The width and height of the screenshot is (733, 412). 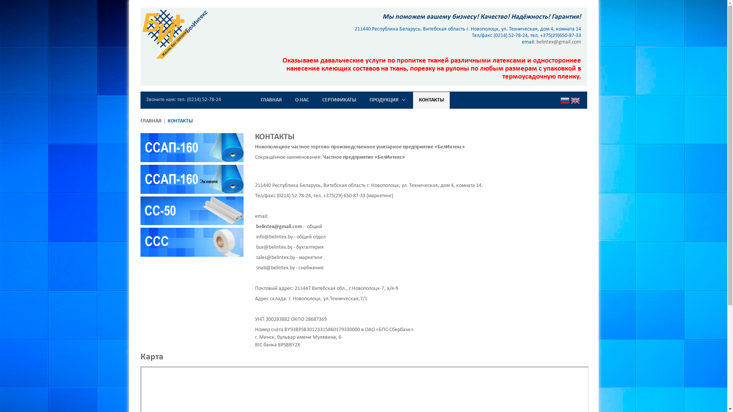 What do you see at coordinates (559, 42) in the screenshot?
I see `'belintex@gmail.com'` at bounding box center [559, 42].